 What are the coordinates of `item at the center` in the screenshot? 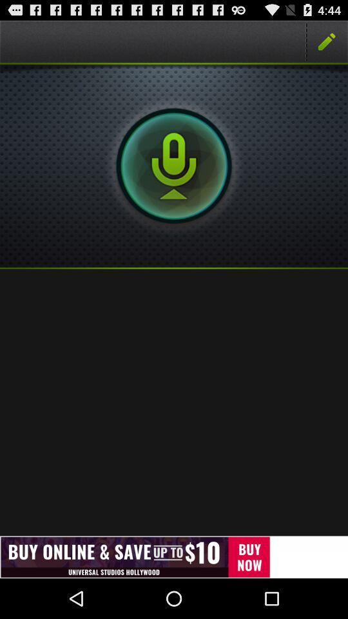 It's located at (174, 402).